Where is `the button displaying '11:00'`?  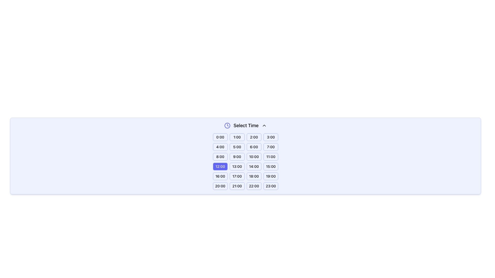
the button displaying '11:00' is located at coordinates (270, 157).